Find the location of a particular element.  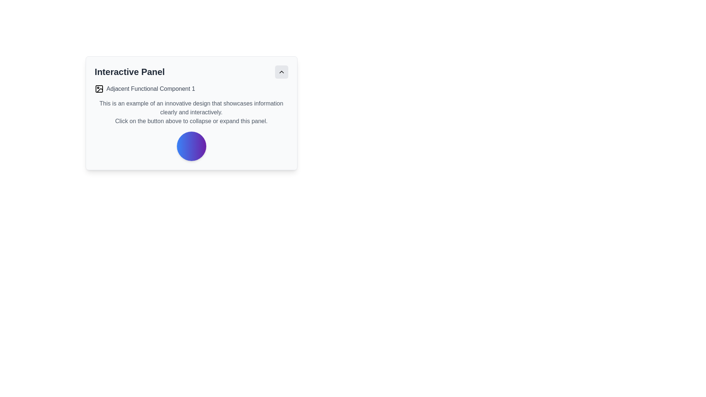

the style or color of the visual emphasis element, which is centrally located at the bottom of the interactive panel is located at coordinates (191, 146).